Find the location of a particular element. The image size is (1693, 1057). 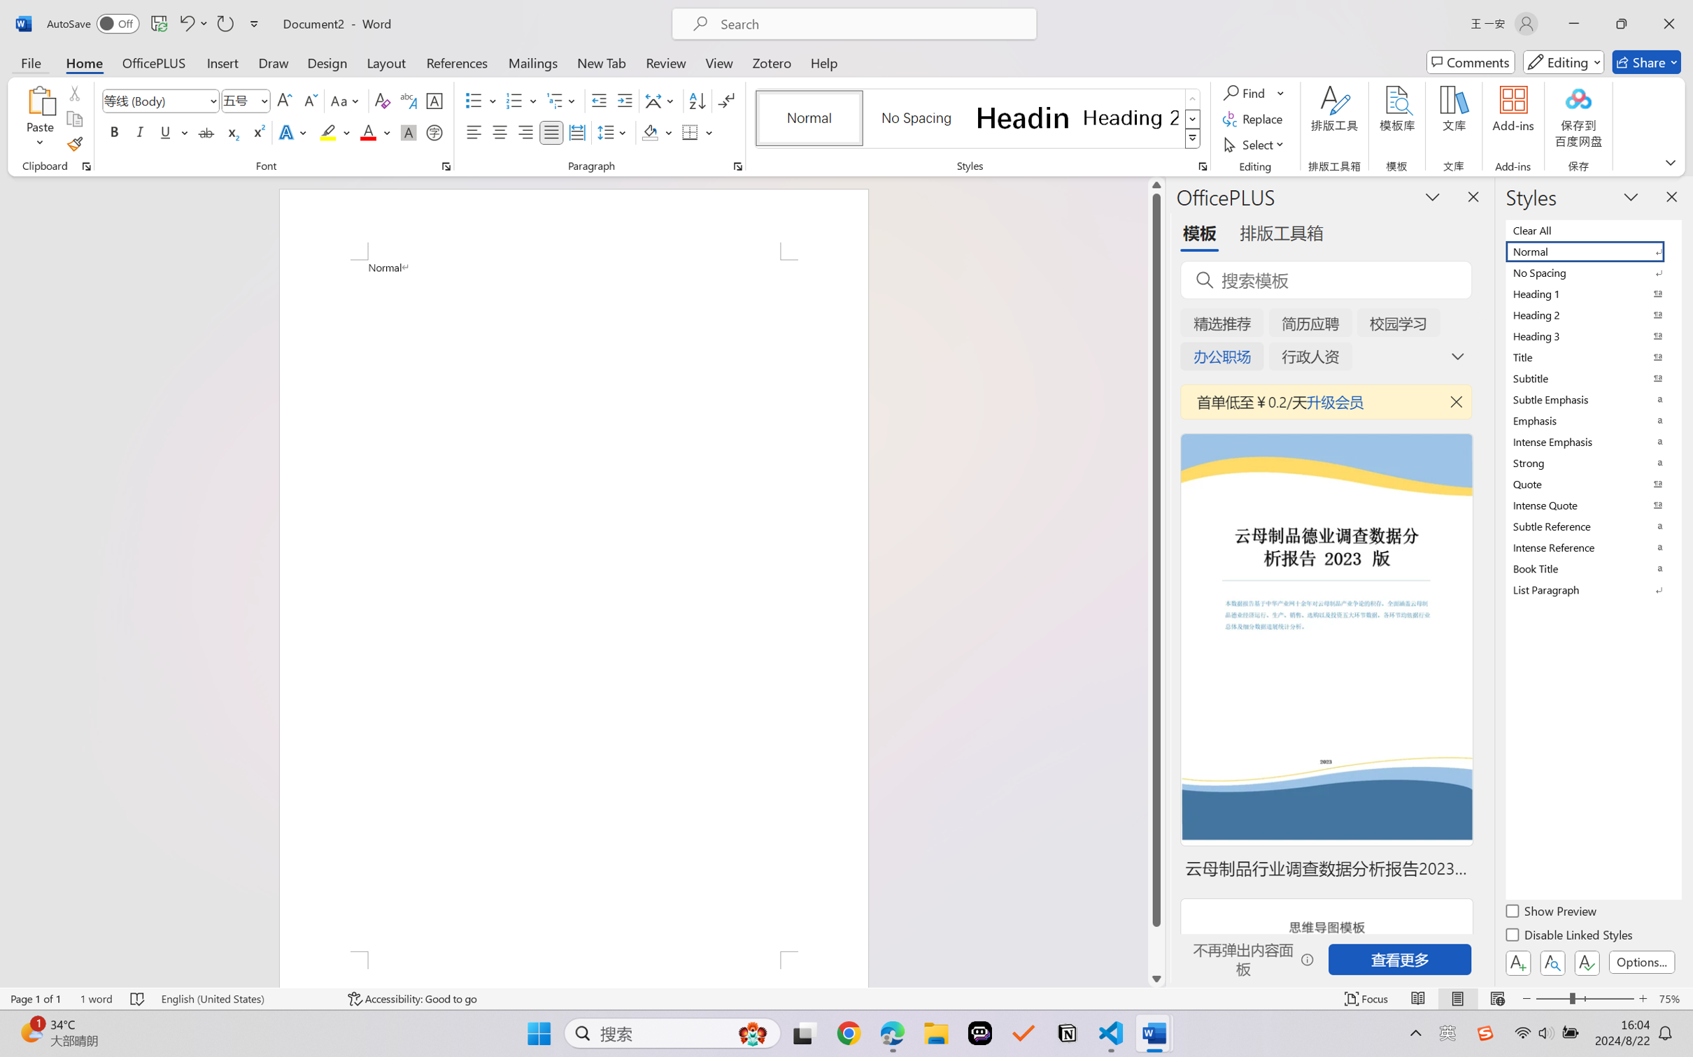

'Show Preview' is located at coordinates (1552, 912).